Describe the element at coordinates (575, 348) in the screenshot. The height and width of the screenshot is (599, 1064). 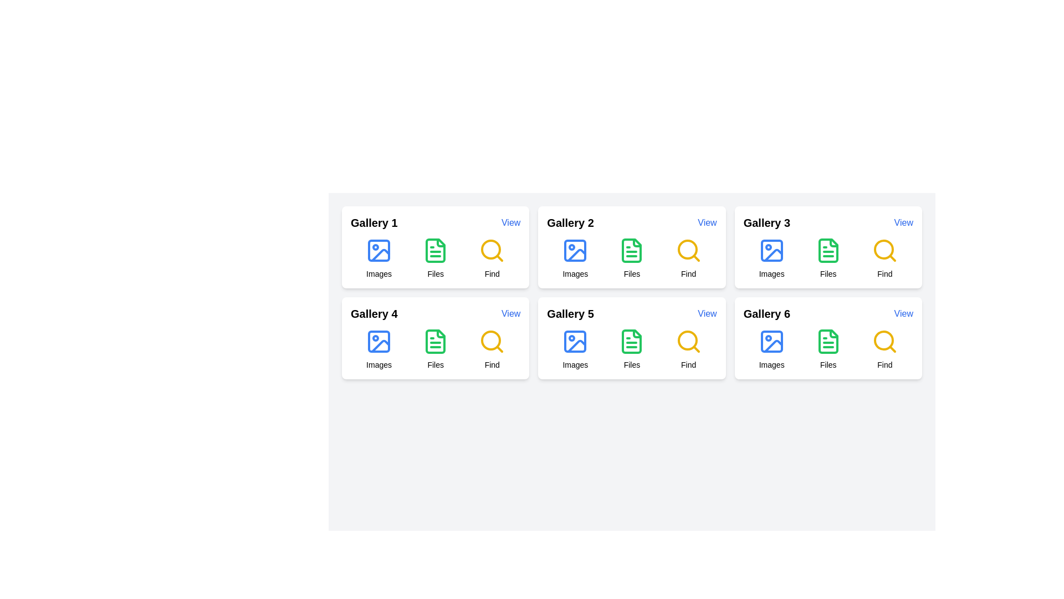
I see `the blue icon with the photograph symbol and the text label 'Images'` at that location.